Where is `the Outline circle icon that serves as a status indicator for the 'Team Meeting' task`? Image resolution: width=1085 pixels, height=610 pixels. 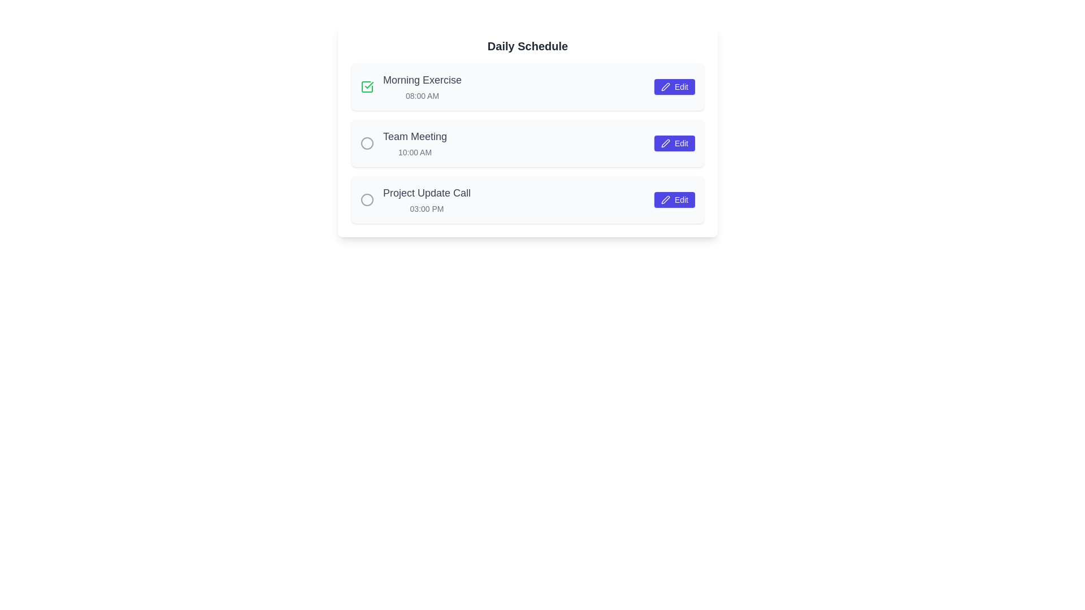 the Outline circle icon that serves as a status indicator for the 'Team Meeting' task is located at coordinates (367, 143).